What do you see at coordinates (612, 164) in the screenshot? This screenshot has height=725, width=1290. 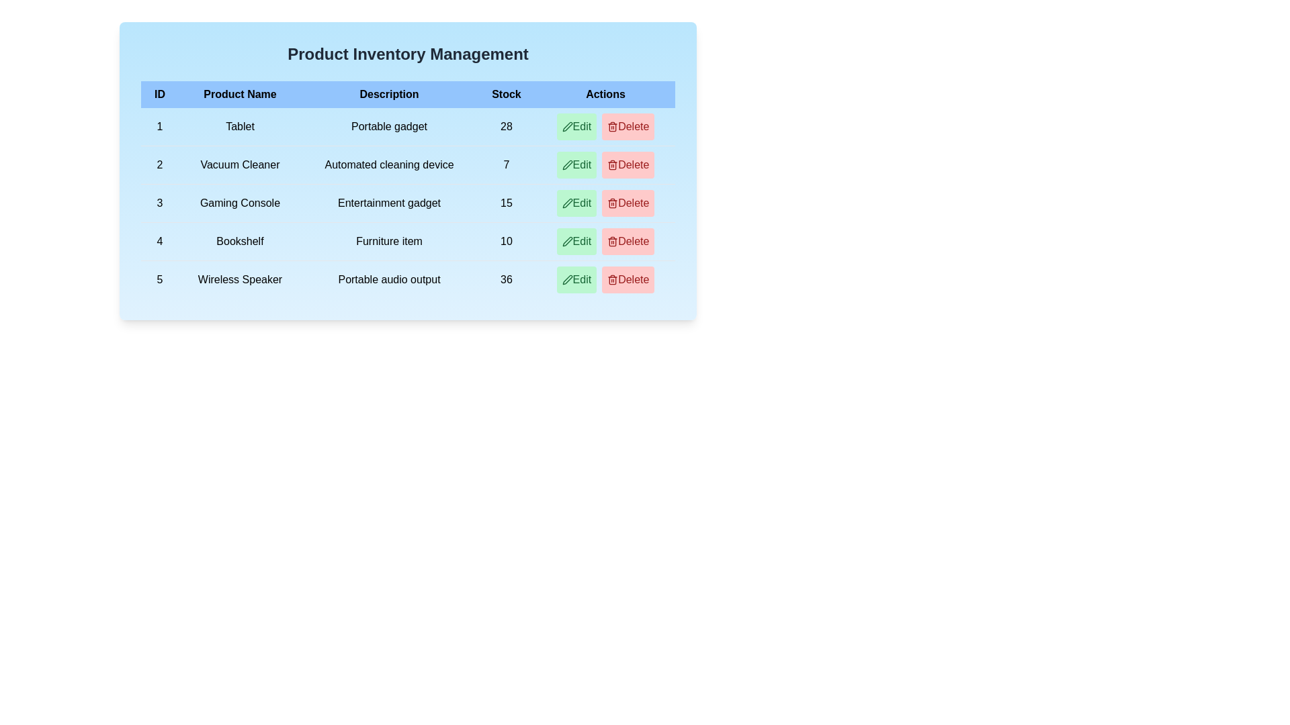 I see `the trash can icon located in the second row of the table within the 'Delete' button in the 'Actions' column` at bounding box center [612, 164].